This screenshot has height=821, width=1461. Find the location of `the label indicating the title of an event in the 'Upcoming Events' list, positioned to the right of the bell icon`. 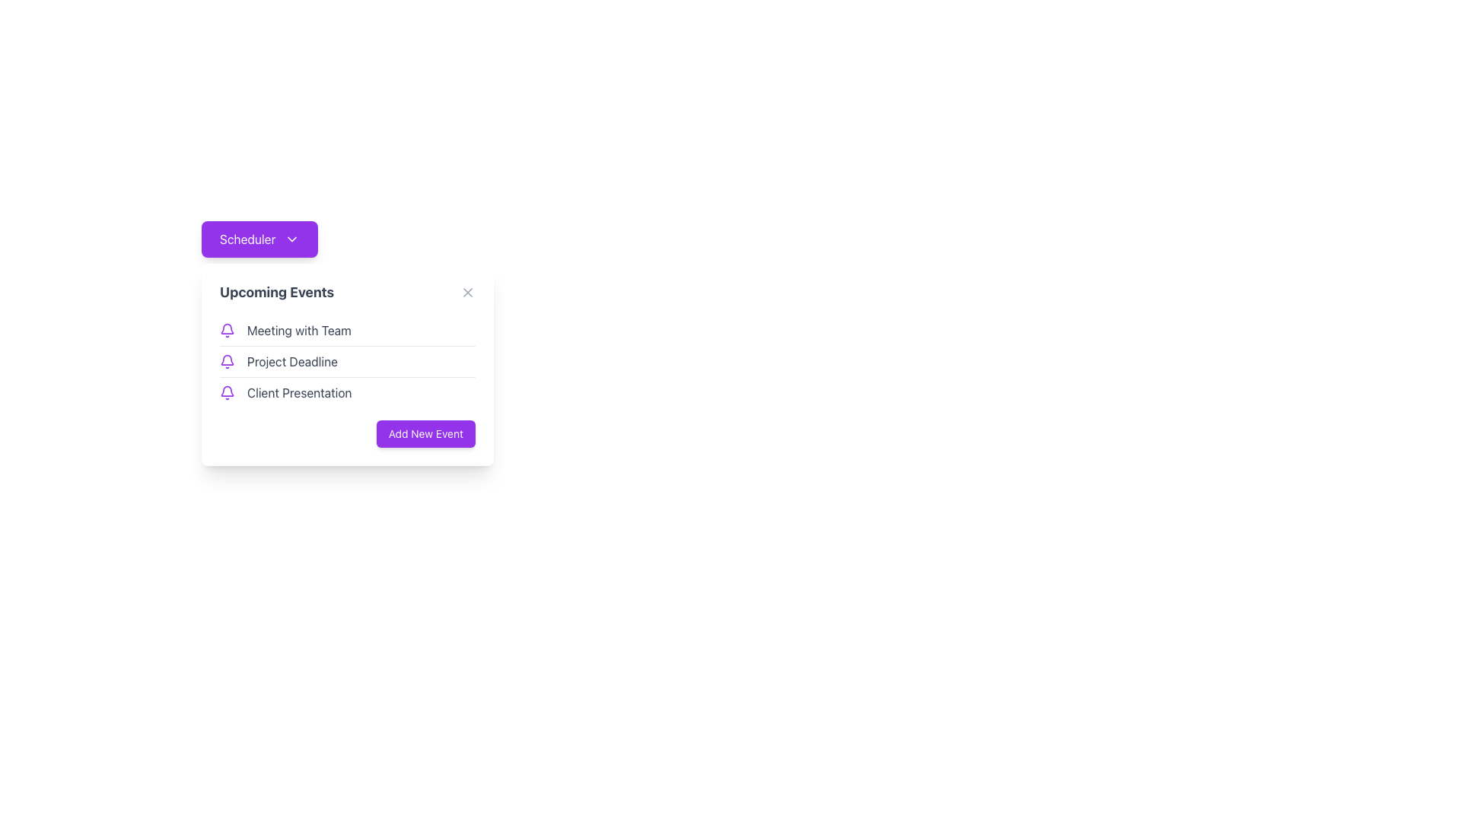

the label indicating the title of an event in the 'Upcoming Events' list, positioned to the right of the bell icon is located at coordinates (292, 361).